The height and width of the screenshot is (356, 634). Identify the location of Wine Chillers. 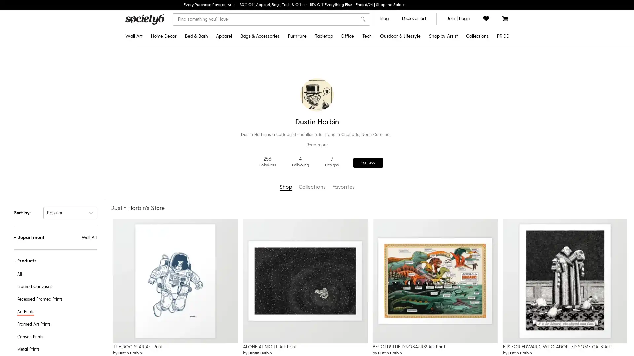
(336, 127).